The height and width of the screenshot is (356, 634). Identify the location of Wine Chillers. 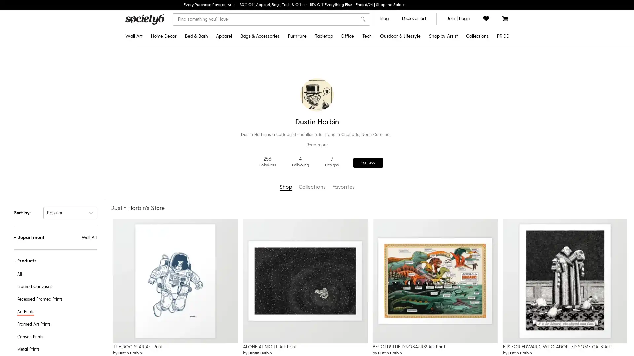
(336, 127).